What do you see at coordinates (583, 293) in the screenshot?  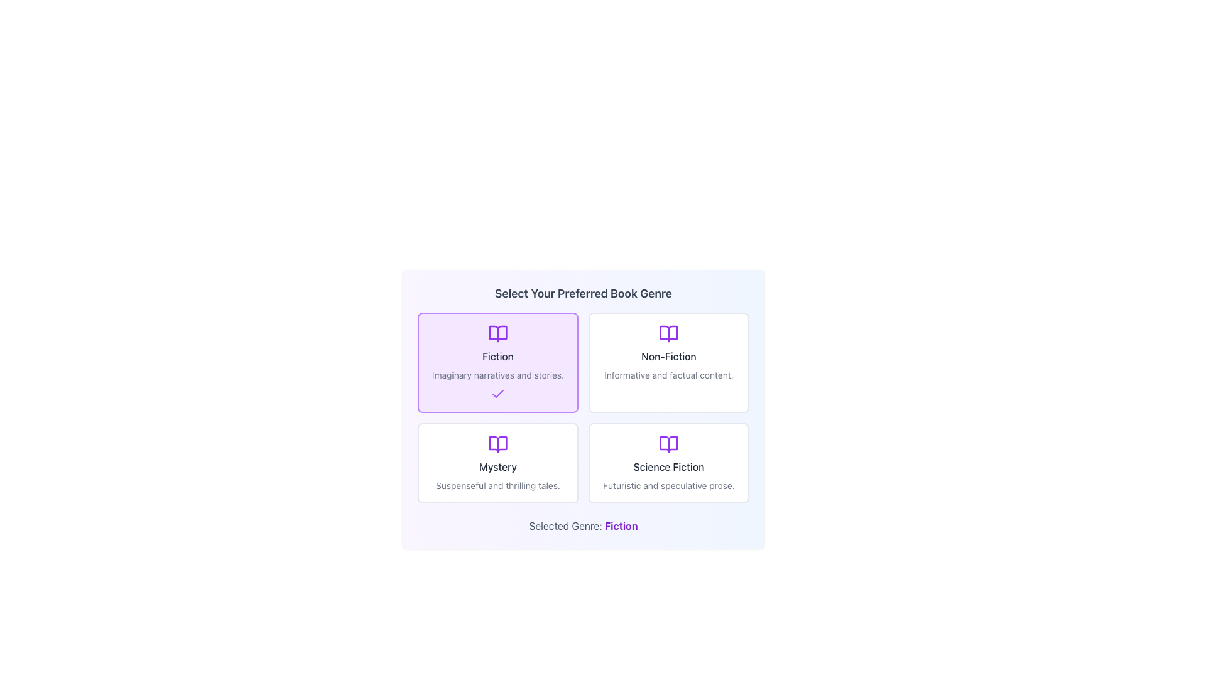 I see `text of the centrally aligned heading that instructs users to select their preferred book genre` at bounding box center [583, 293].